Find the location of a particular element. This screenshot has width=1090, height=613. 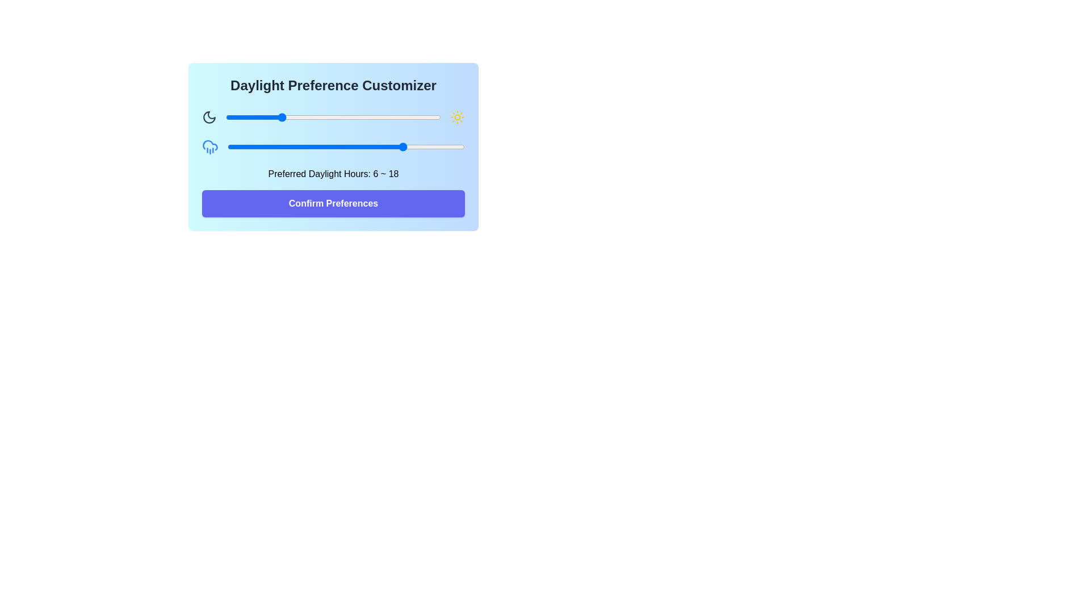

the daylight preference is located at coordinates (252, 117).